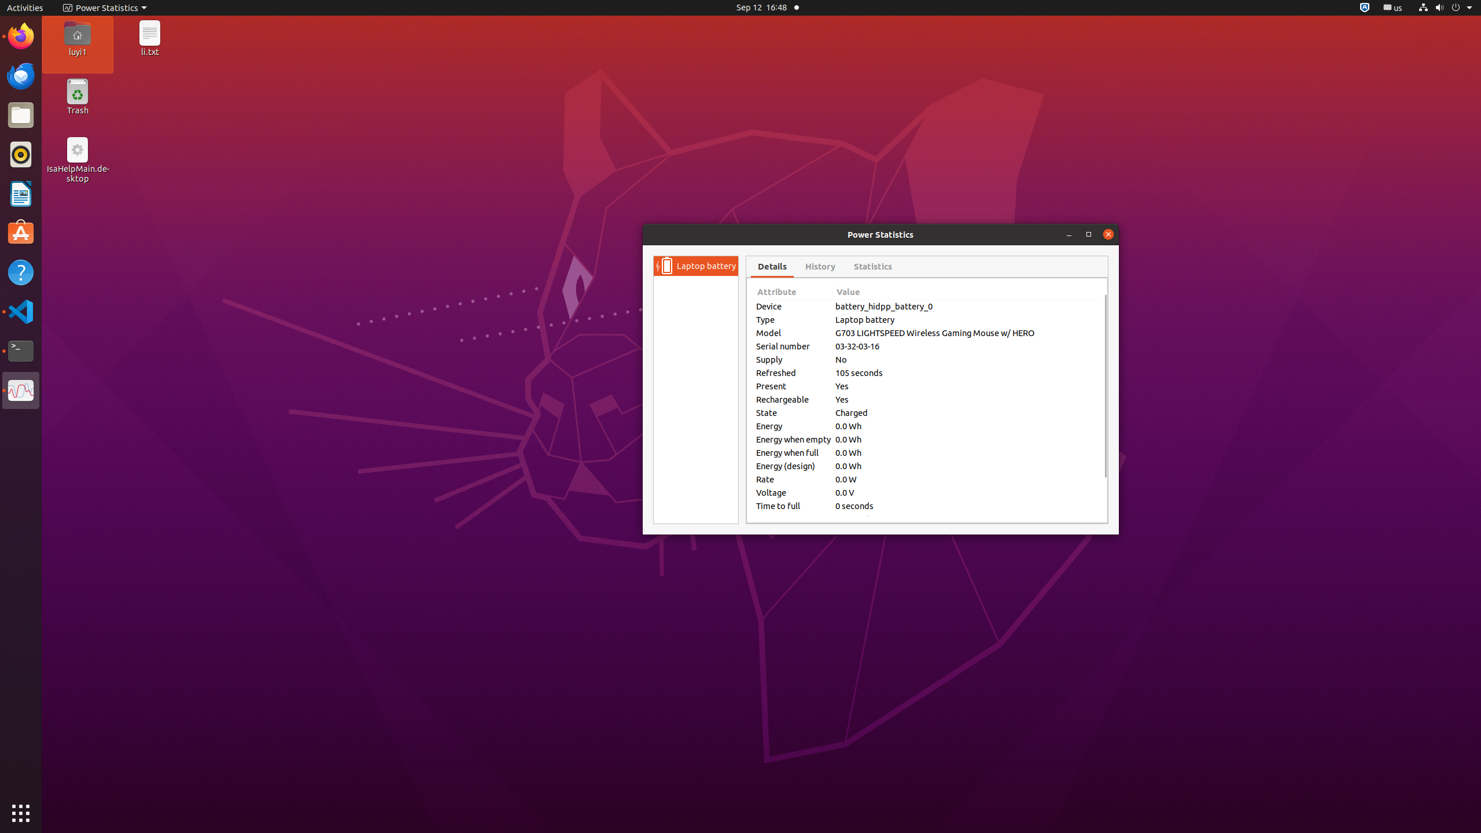 This screenshot has width=1481, height=833. What do you see at coordinates (793, 305) in the screenshot?
I see `'Device'` at bounding box center [793, 305].